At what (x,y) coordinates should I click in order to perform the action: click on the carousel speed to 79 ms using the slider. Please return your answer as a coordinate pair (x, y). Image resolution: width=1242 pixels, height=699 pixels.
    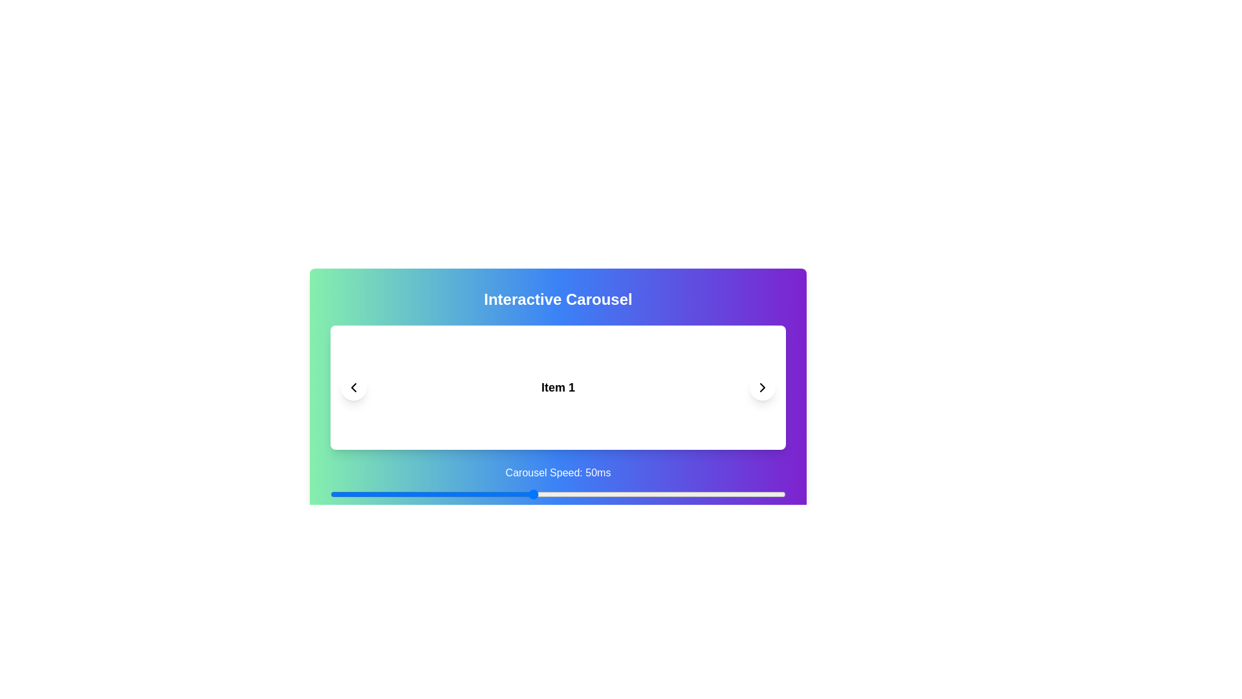
    Looking at the image, I should click on (679, 494).